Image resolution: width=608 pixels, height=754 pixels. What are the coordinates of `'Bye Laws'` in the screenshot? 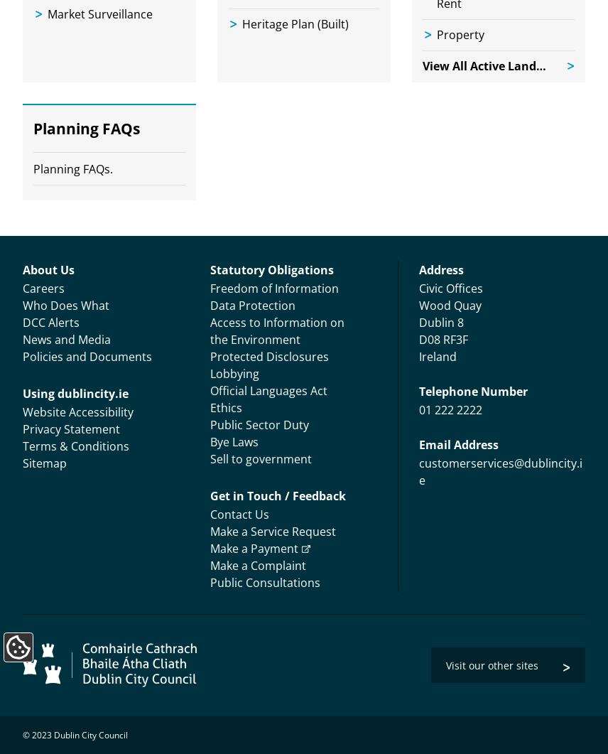 It's located at (232, 441).